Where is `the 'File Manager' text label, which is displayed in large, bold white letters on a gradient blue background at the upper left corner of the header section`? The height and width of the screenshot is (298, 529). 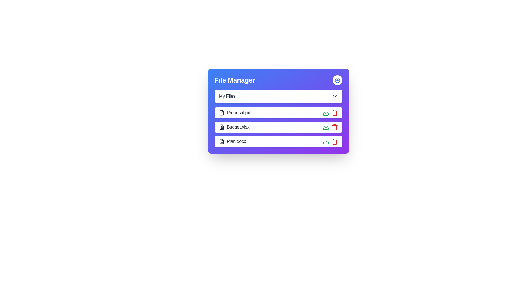 the 'File Manager' text label, which is displayed in large, bold white letters on a gradient blue background at the upper left corner of the header section is located at coordinates (235, 80).